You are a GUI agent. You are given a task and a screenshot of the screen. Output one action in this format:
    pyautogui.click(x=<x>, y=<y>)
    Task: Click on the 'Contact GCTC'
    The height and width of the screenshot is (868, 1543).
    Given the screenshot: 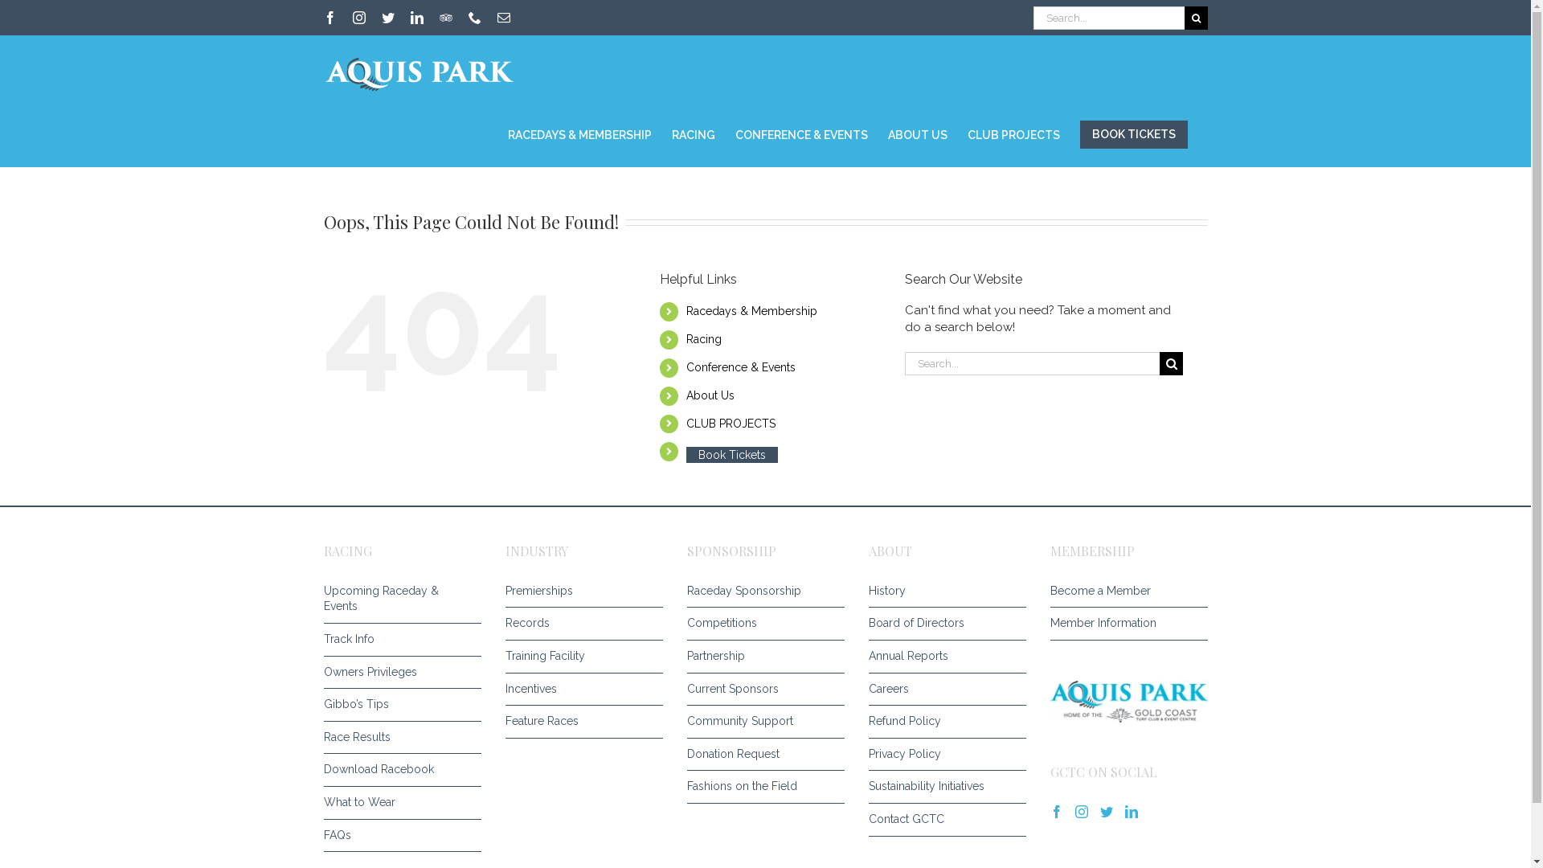 What is the action you would take?
    pyautogui.click(x=942, y=819)
    